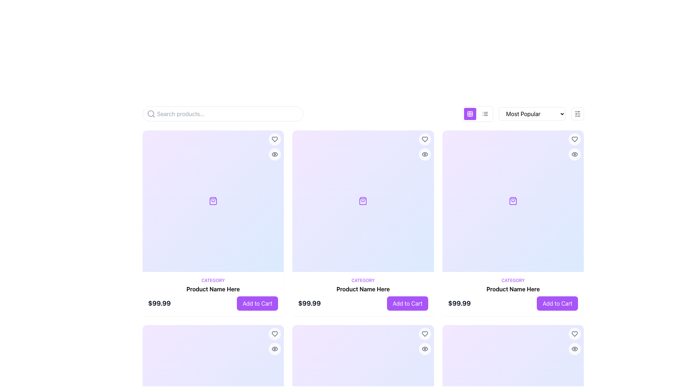  What do you see at coordinates (425, 334) in the screenshot?
I see `the heart-shaped icon button located in the upper-right corner of the product card` at bounding box center [425, 334].